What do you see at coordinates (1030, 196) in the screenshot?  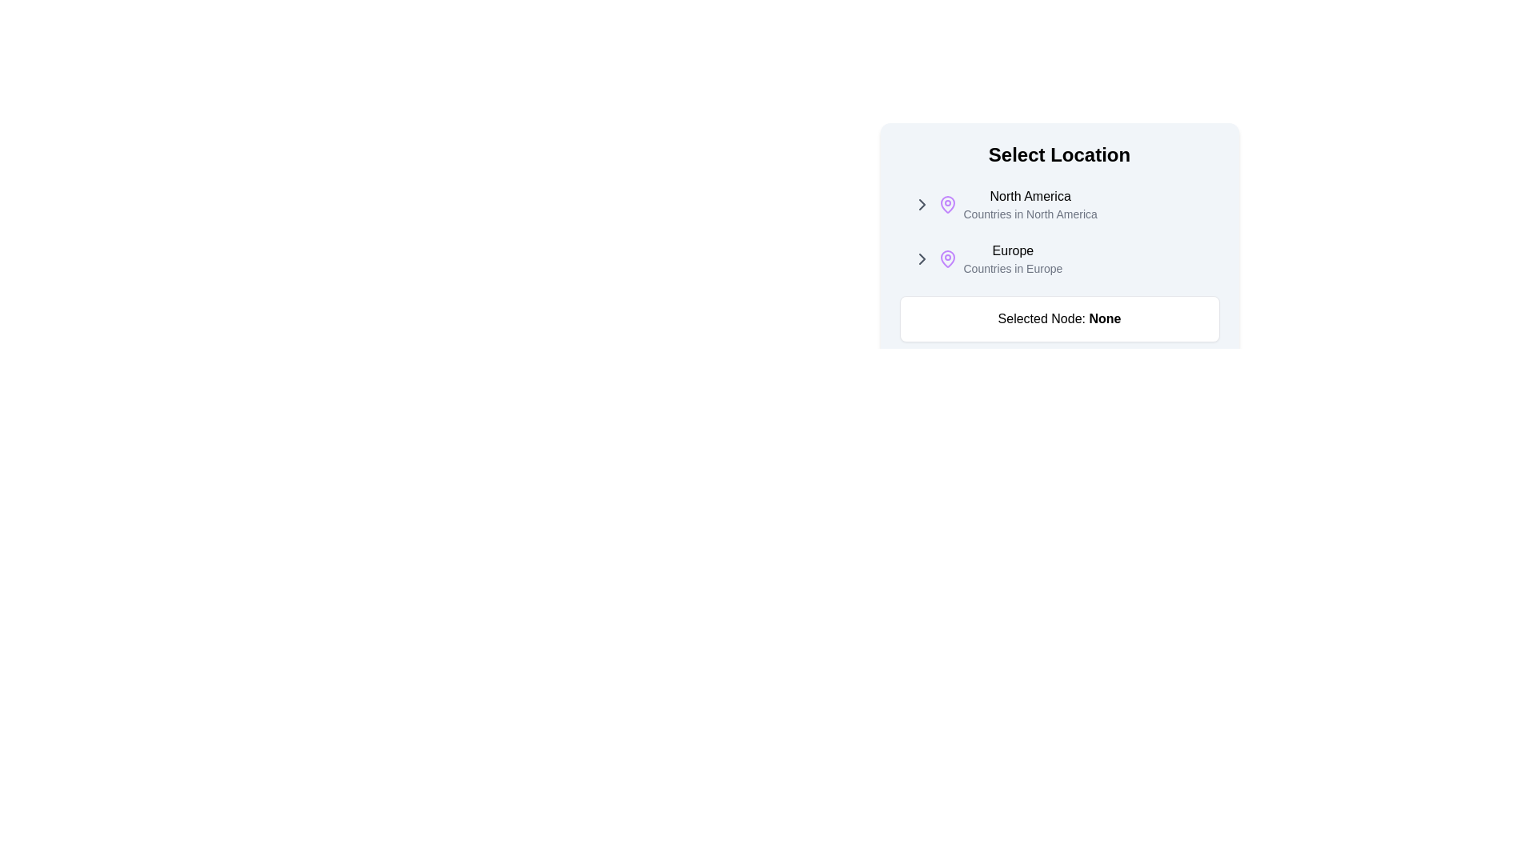 I see `the 'North America' text label, which is bold and prominently displayed at the top of the region list` at bounding box center [1030, 196].